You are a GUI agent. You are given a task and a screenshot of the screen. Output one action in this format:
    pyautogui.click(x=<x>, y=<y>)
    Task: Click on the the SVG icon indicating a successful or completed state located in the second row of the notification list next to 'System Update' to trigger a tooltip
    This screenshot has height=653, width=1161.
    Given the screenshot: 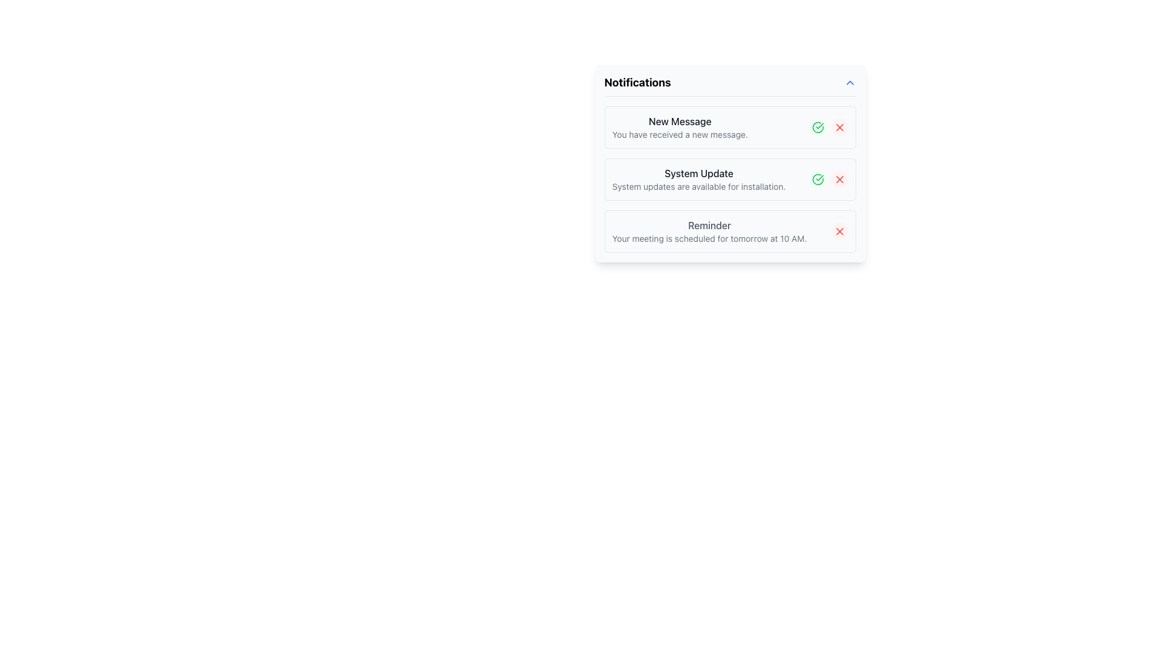 What is the action you would take?
    pyautogui.click(x=818, y=128)
    